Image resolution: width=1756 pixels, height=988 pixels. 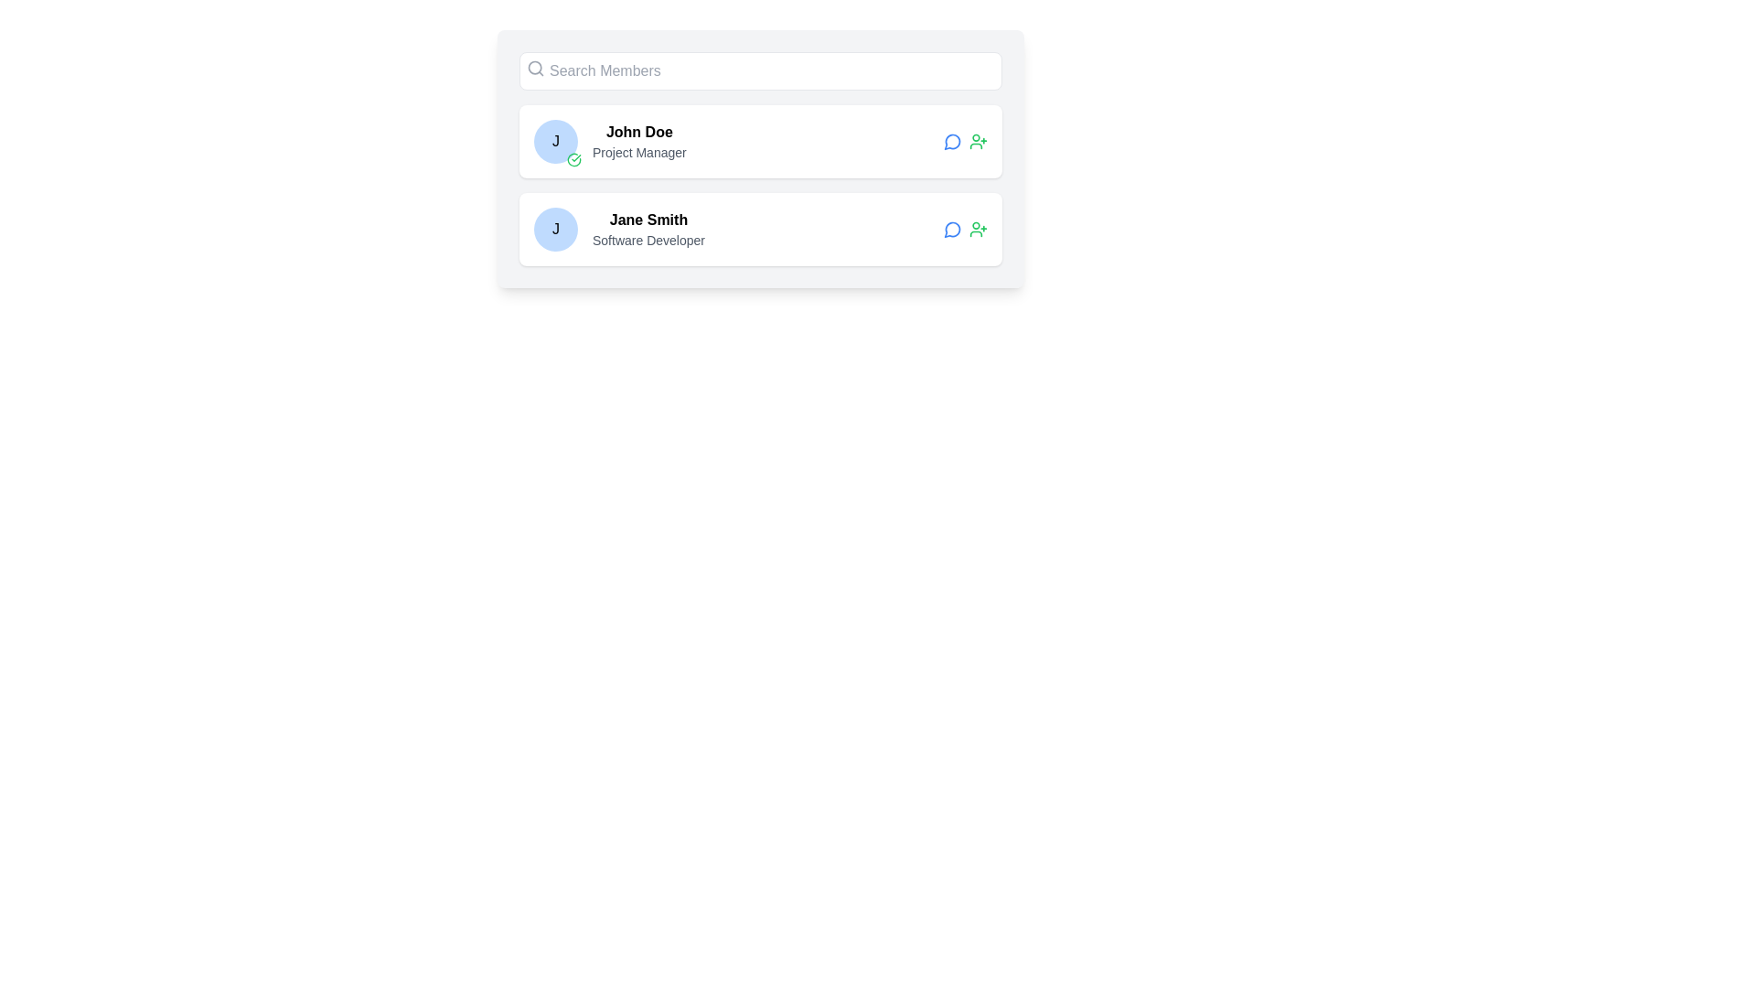 I want to click on the text display showing 'John Doe' and 'Project Manager' located in the top list item of a vertical list, to the right of the circular icon with the letter 'J', so click(x=639, y=140).